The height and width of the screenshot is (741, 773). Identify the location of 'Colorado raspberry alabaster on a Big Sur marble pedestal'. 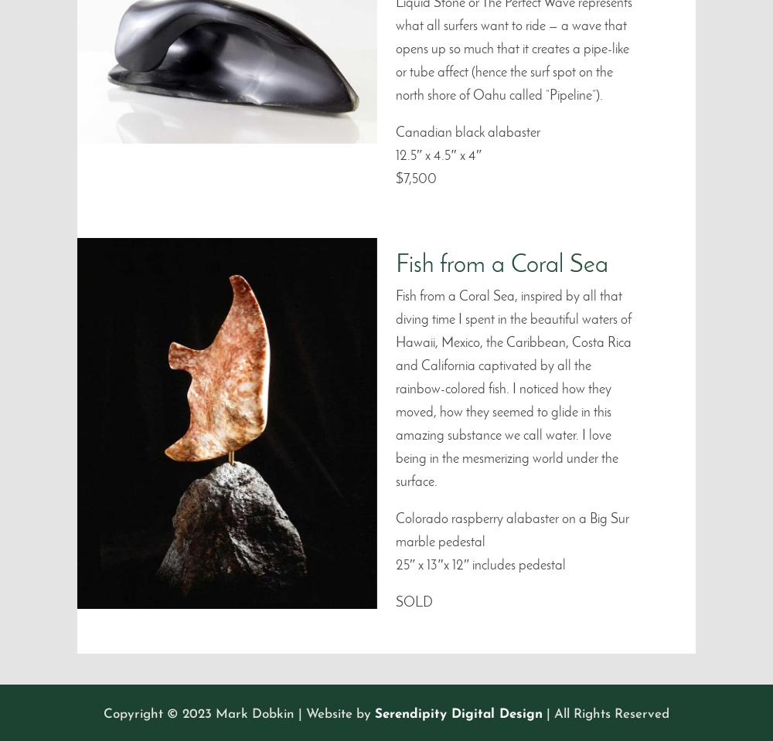
(512, 529).